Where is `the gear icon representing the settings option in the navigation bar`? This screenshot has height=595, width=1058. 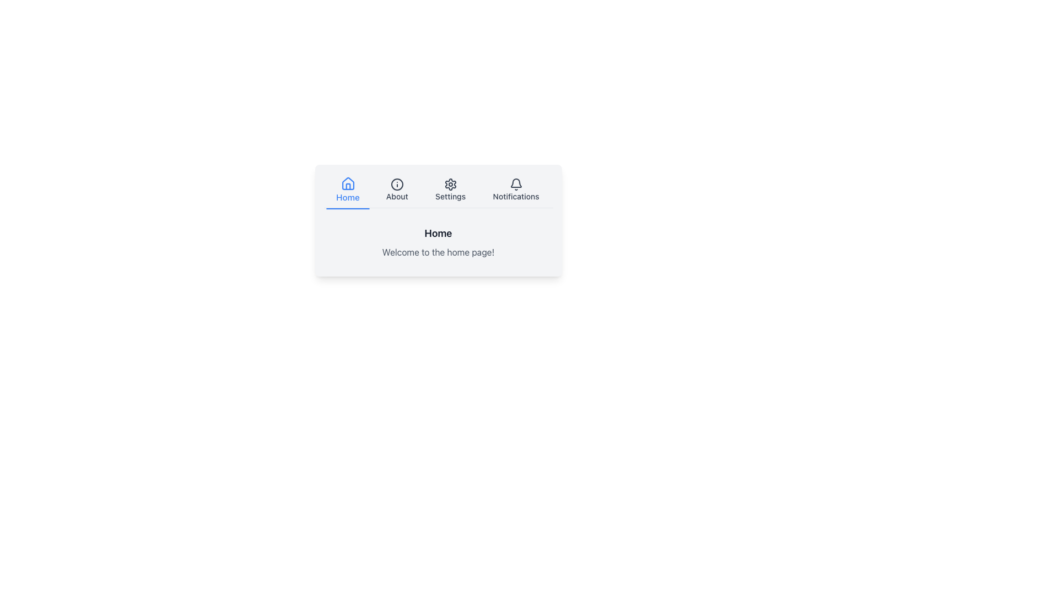
the gear icon representing the settings option in the navigation bar is located at coordinates (450, 184).